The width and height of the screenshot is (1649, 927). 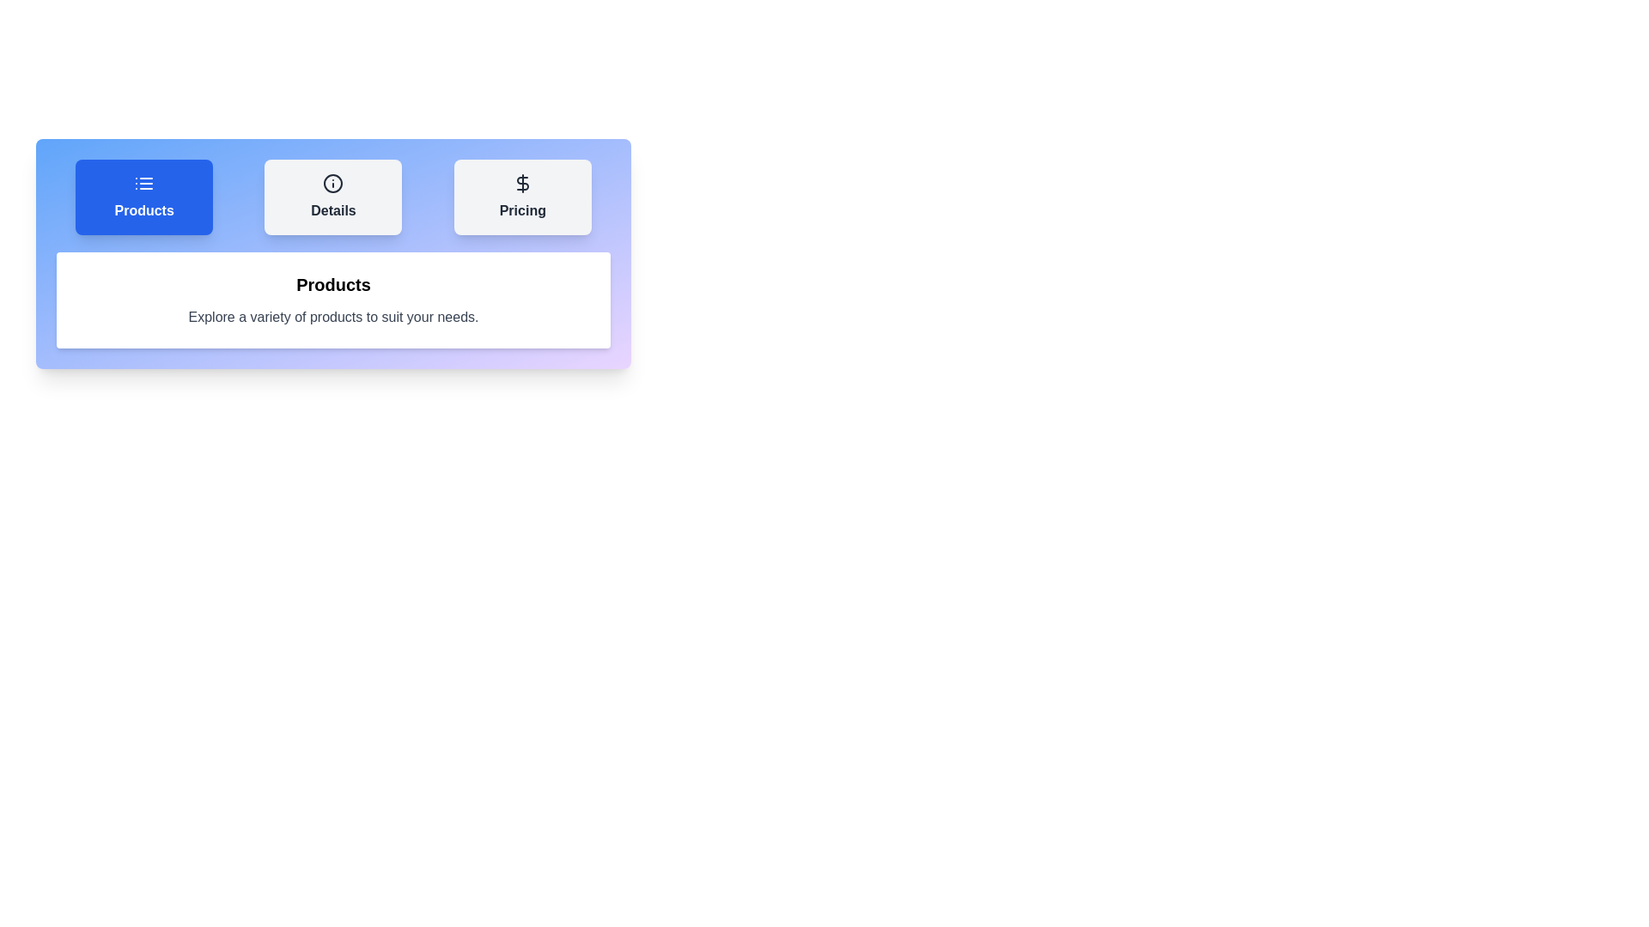 What do you see at coordinates (333, 197) in the screenshot?
I see `the tab button labeled Details` at bounding box center [333, 197].